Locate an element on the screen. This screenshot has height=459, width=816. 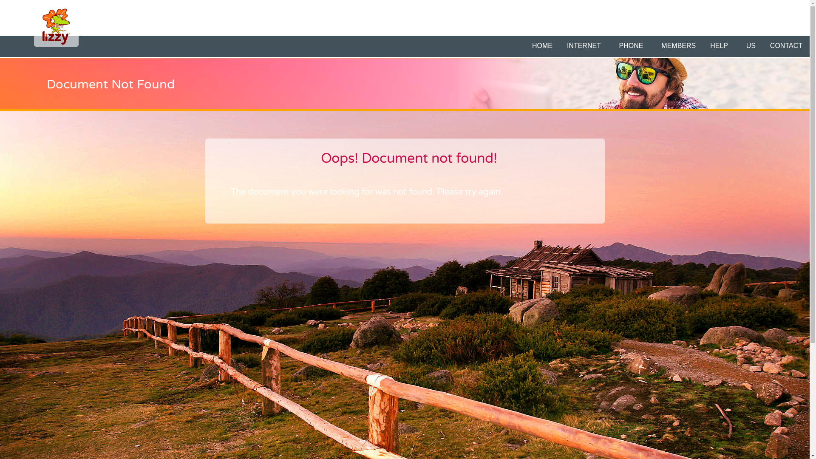
'CONTACT' is located at coordinates (785, 46).